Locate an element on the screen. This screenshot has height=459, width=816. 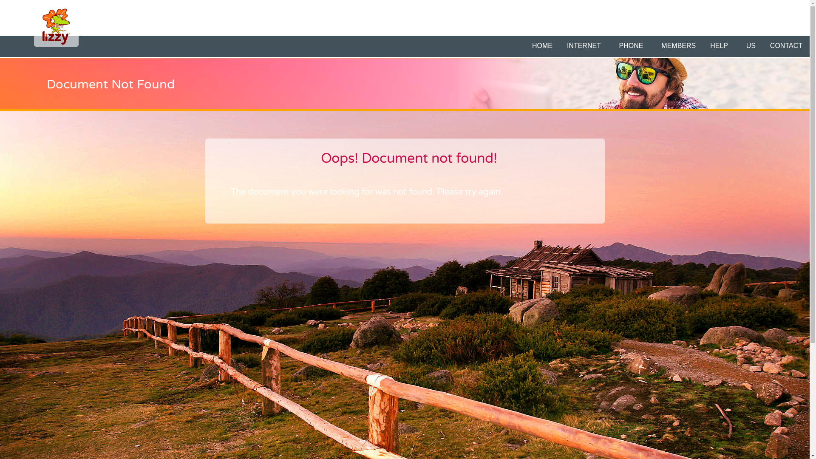
'CONTACT' is located at coordinates (785, 46).